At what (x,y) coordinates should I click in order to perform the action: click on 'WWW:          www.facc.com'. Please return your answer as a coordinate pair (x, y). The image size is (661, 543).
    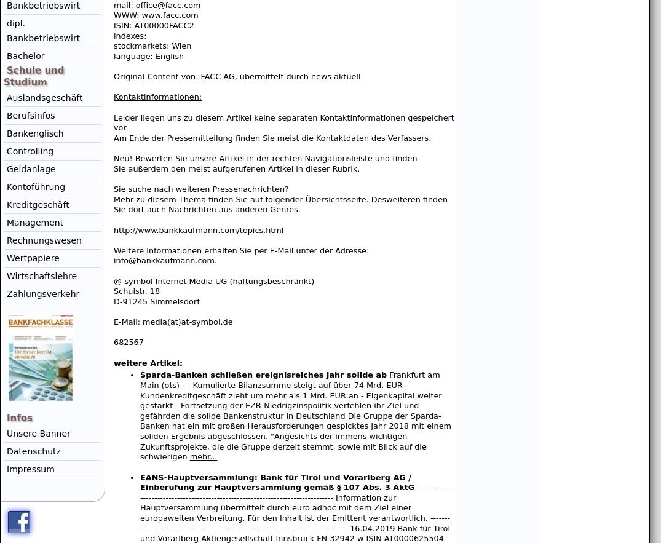
    Looking at the image, I should click on (156, 15).